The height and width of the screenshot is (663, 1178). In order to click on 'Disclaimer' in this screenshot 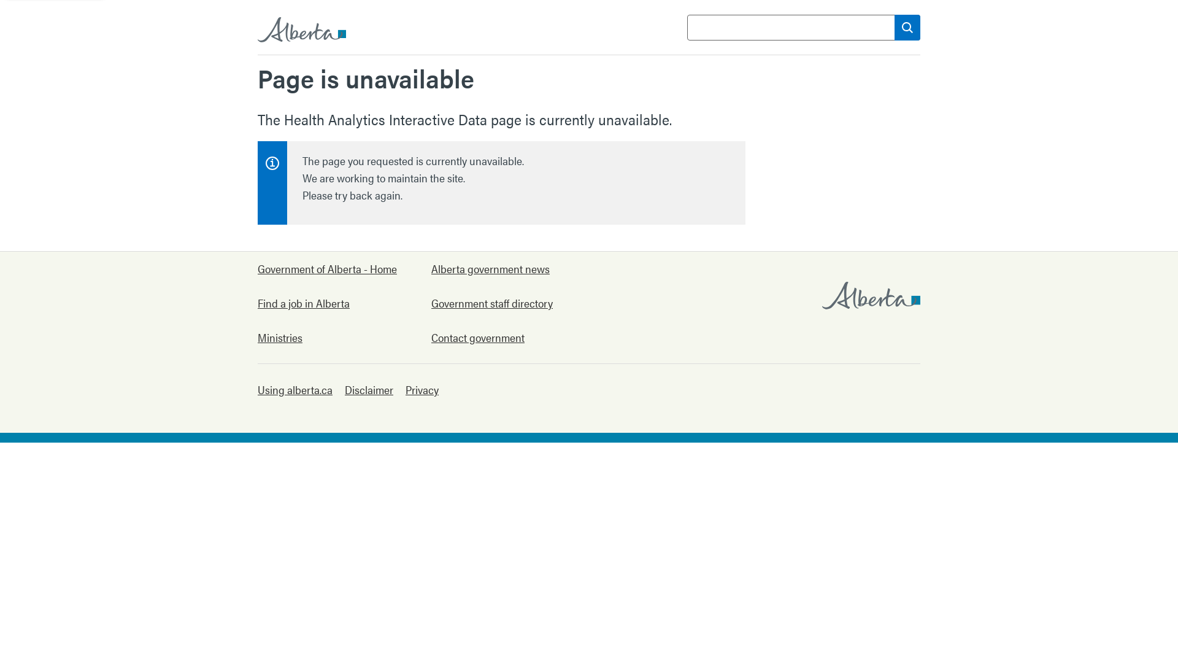, I will do `click(368, 390)`.